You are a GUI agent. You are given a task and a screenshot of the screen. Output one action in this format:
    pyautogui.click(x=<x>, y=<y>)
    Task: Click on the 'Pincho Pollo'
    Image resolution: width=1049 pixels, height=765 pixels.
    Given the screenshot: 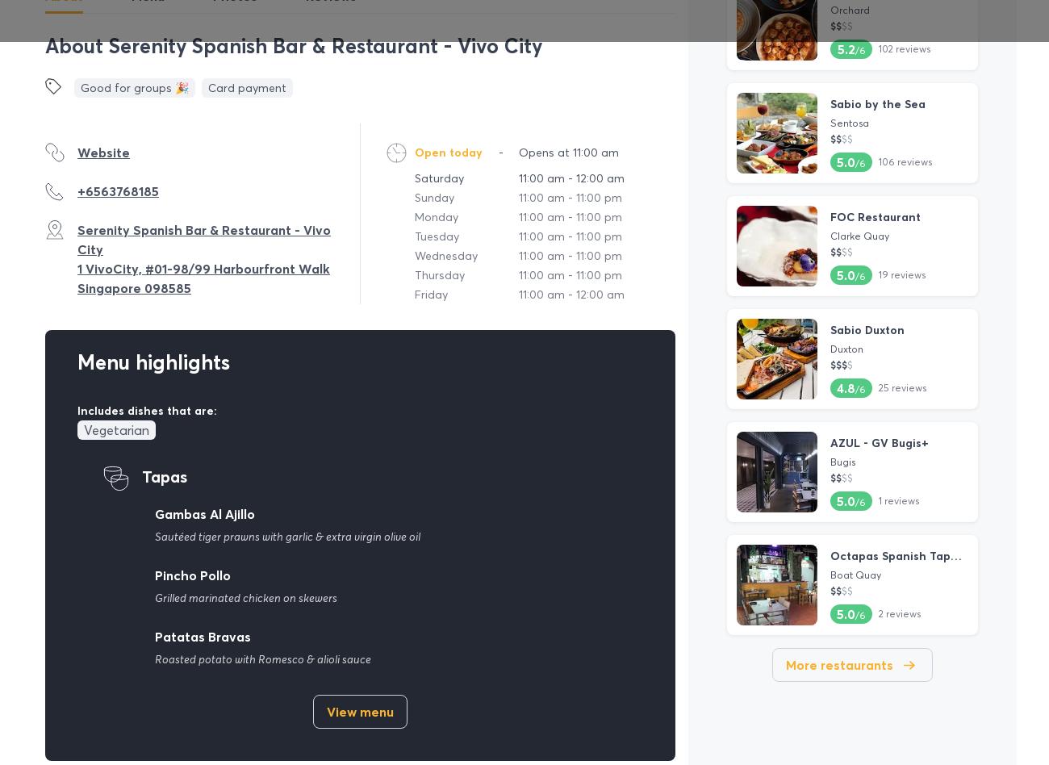 What is the action you would take?
    pyautogui.click(x=155, y=575)
    